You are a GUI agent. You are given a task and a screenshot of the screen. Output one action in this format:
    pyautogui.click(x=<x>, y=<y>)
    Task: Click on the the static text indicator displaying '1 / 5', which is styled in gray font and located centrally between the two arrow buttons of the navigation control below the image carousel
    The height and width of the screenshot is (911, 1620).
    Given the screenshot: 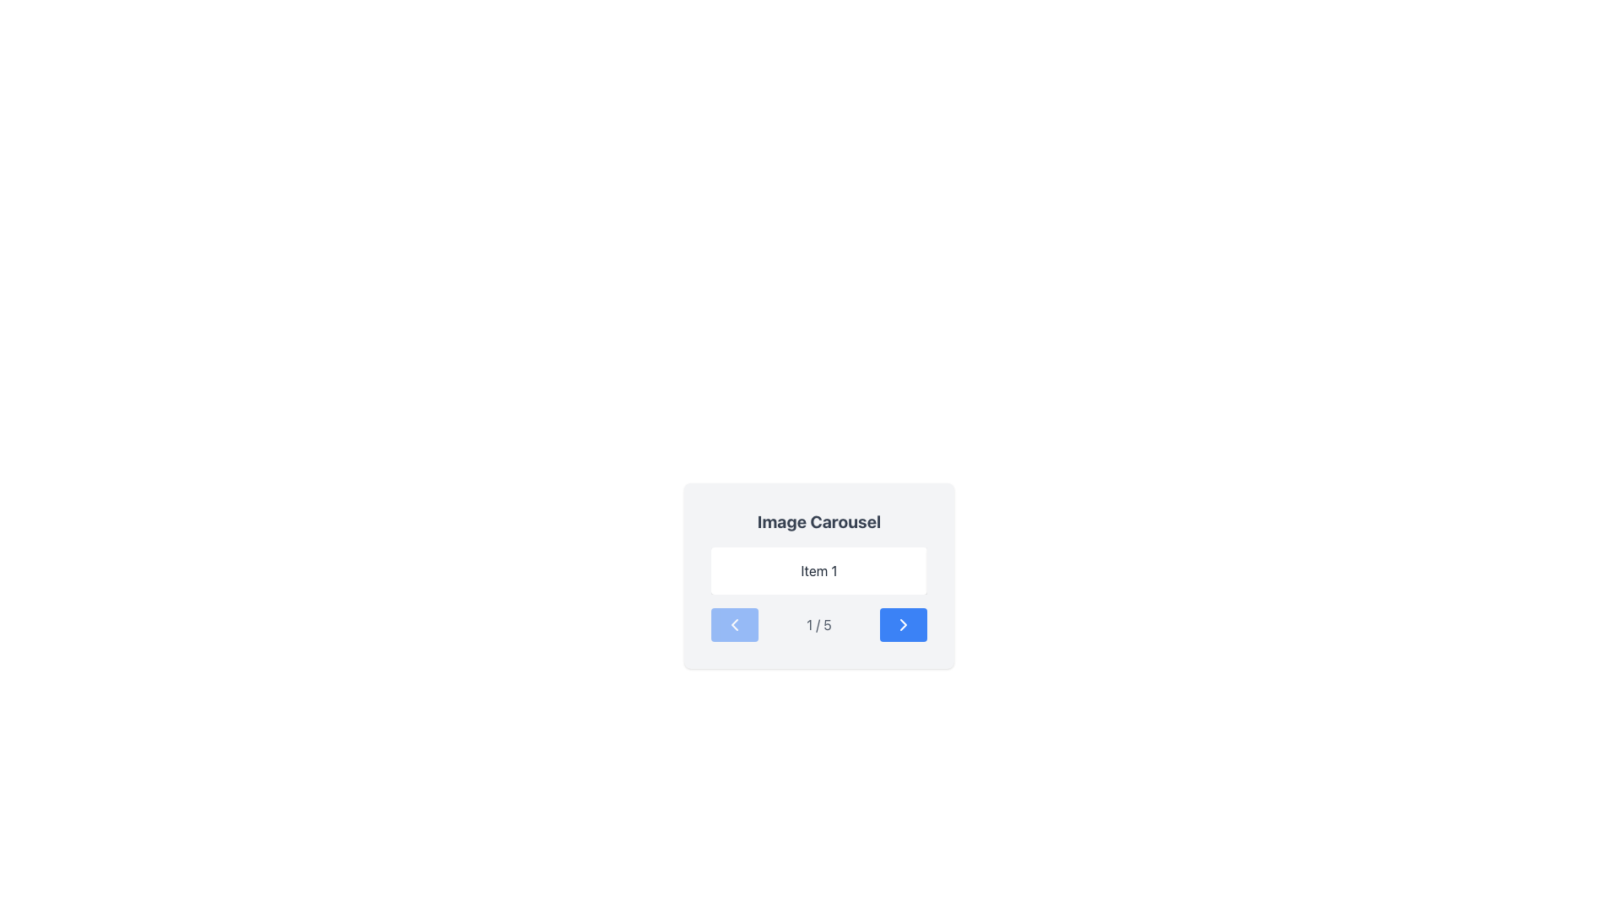 What is the action you would take?
    pyautogui.click(x=818, y=624)
    